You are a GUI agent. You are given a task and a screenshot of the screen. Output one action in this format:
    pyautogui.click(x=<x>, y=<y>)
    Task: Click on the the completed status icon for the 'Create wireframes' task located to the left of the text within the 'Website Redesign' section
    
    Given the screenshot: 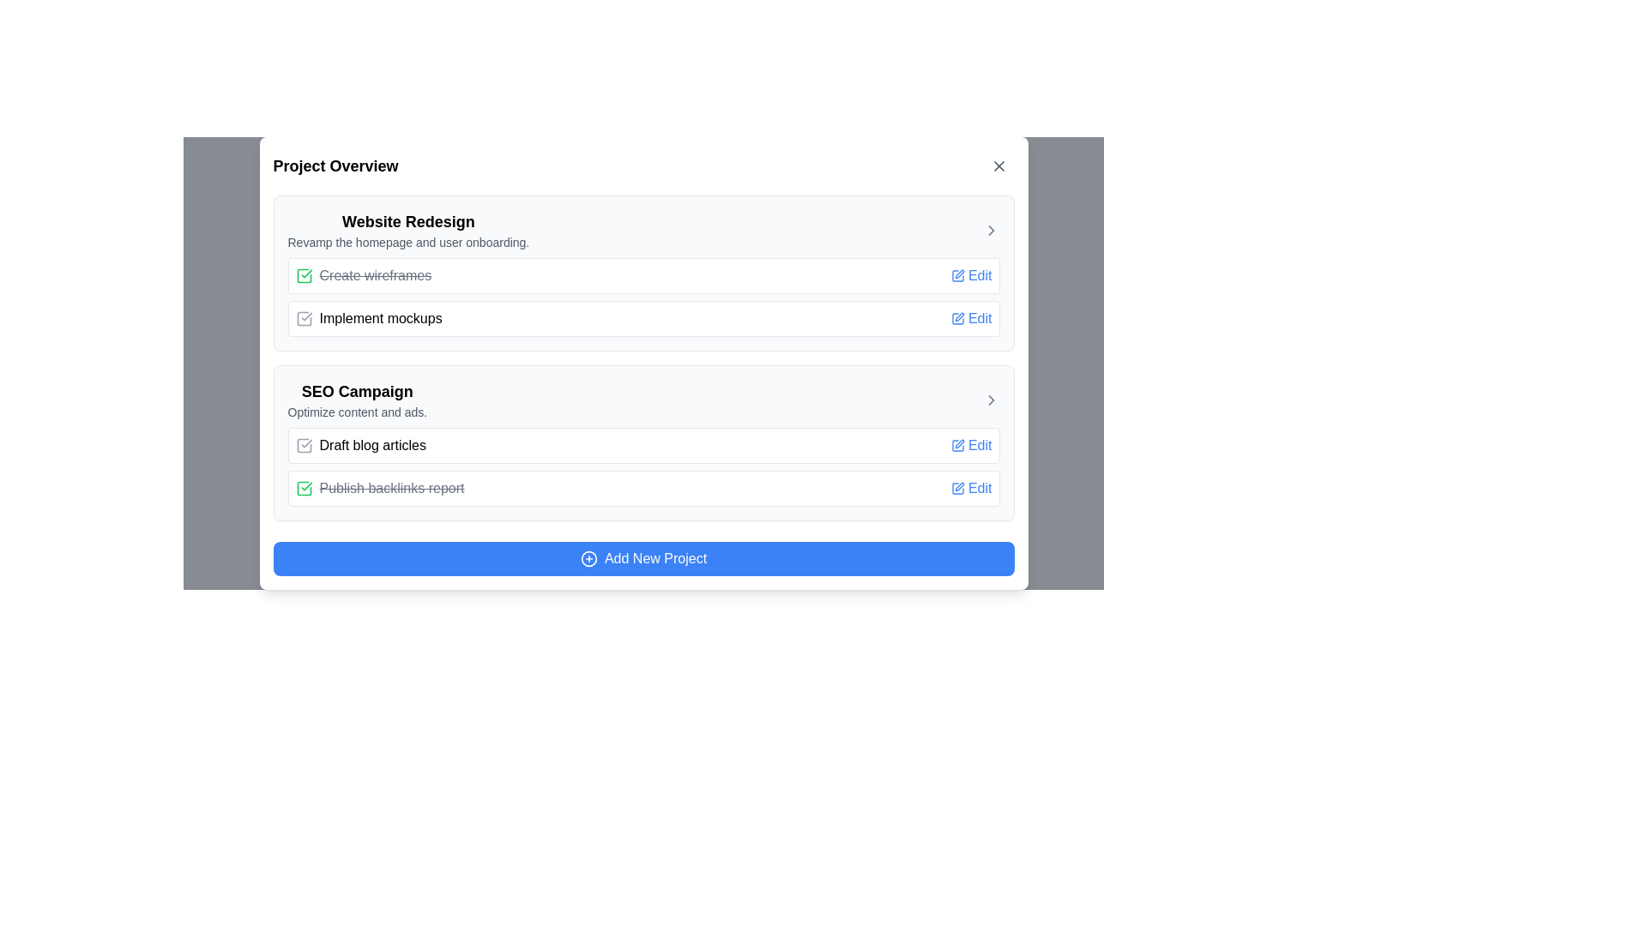 What is the action you would take?
    pyautogui.click(x=304, y=274)
    